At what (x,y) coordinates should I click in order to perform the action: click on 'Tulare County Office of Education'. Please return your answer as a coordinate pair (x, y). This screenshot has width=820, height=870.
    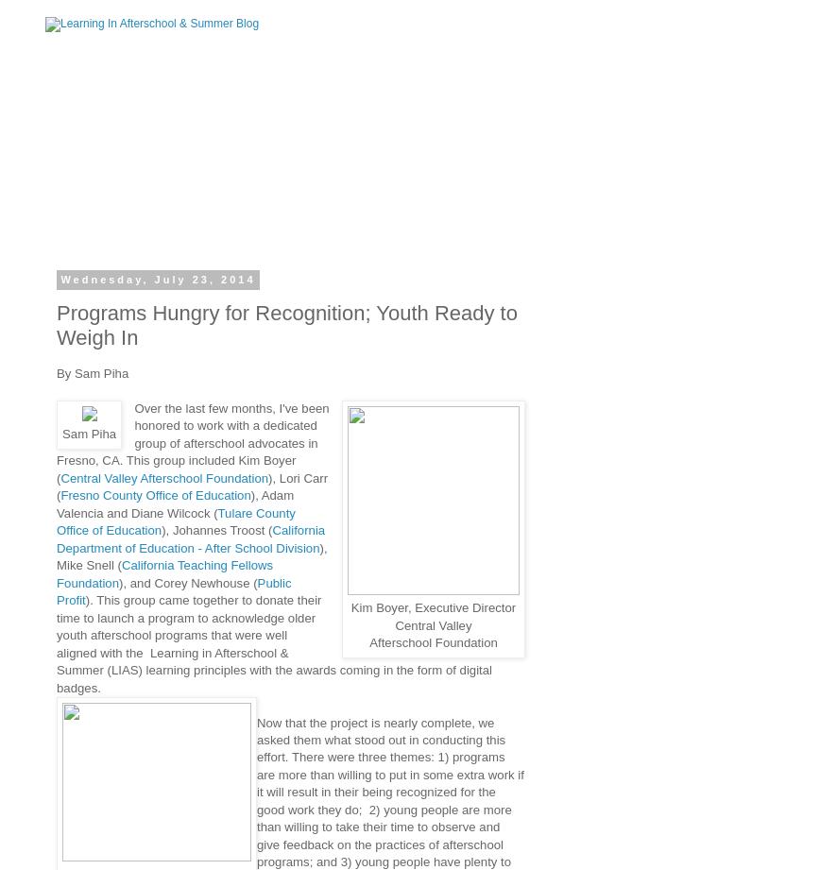
    Looking at the image, I should click on (176, 520).